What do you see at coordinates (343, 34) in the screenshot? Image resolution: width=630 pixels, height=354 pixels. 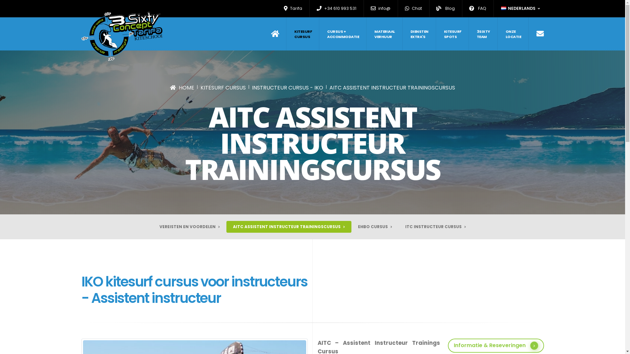 I see `'CURSUS + ACCOMMODATIE'` at bounding box center [343, 34].